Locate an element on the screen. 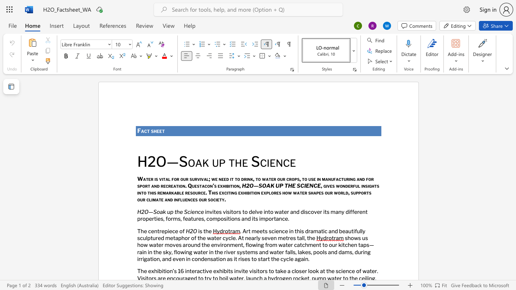  the 1th character "r" in the text is located at coordinates (205, 199).